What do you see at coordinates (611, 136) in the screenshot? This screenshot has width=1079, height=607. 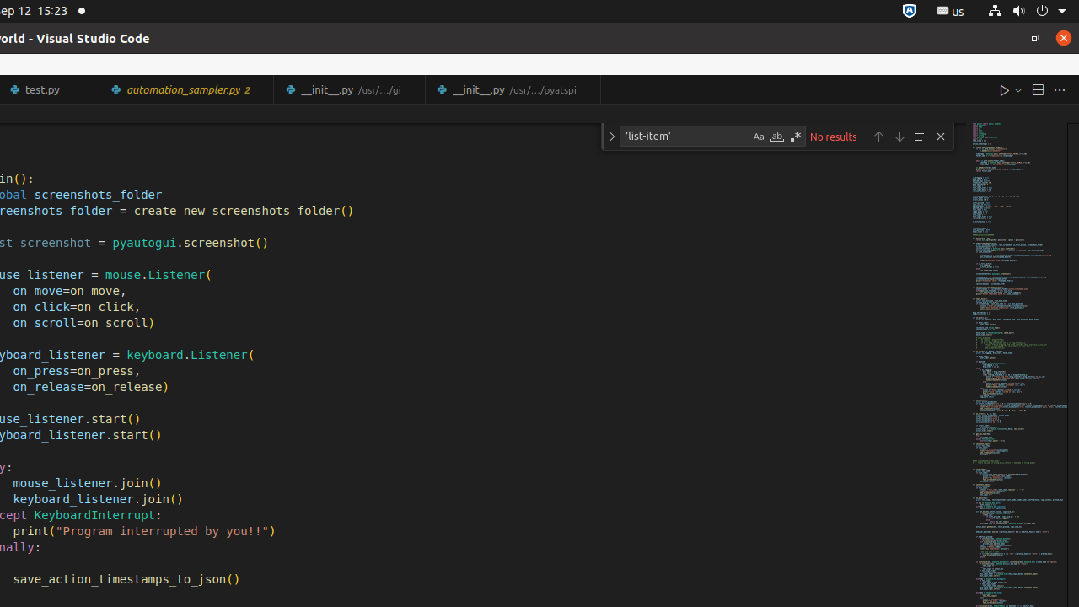 I see `'Toggle Replace'` at bounding box center [611, 136].